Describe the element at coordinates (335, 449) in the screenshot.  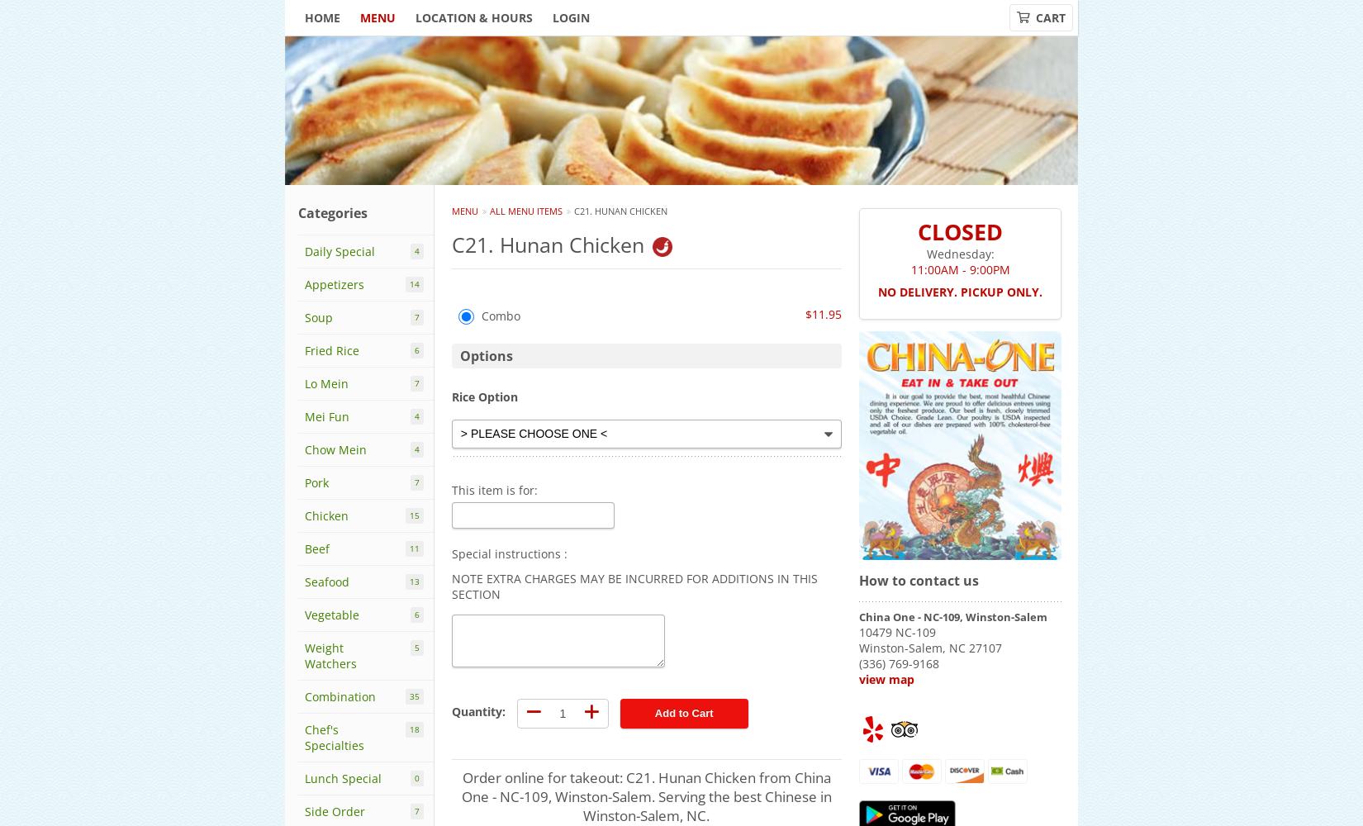
I see `'Chow Mein'` at that location.